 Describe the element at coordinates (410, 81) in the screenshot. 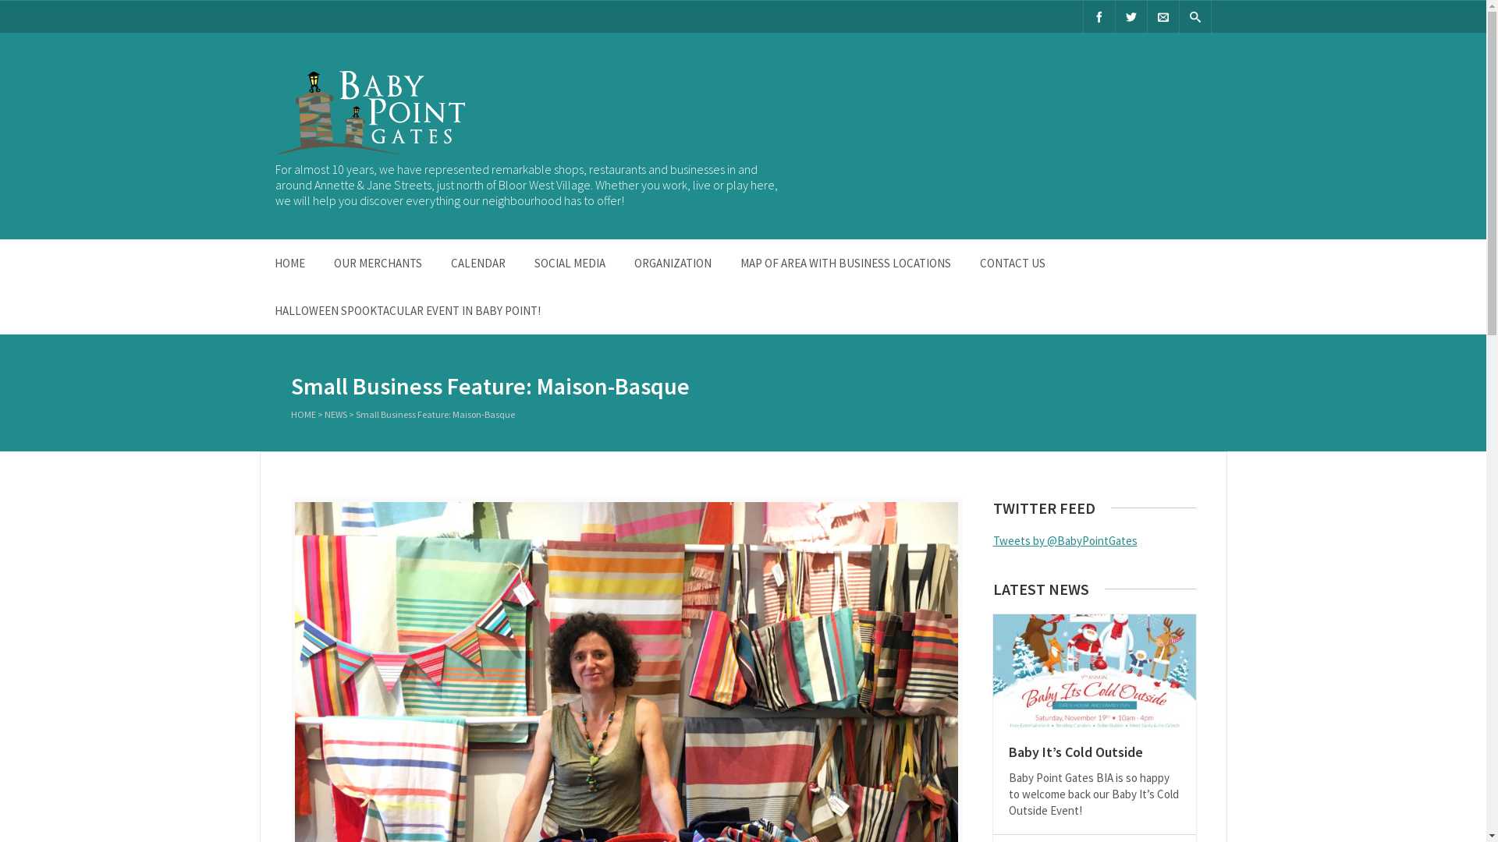

I see `'Baby Point Gates B.I.A.'` at that location.